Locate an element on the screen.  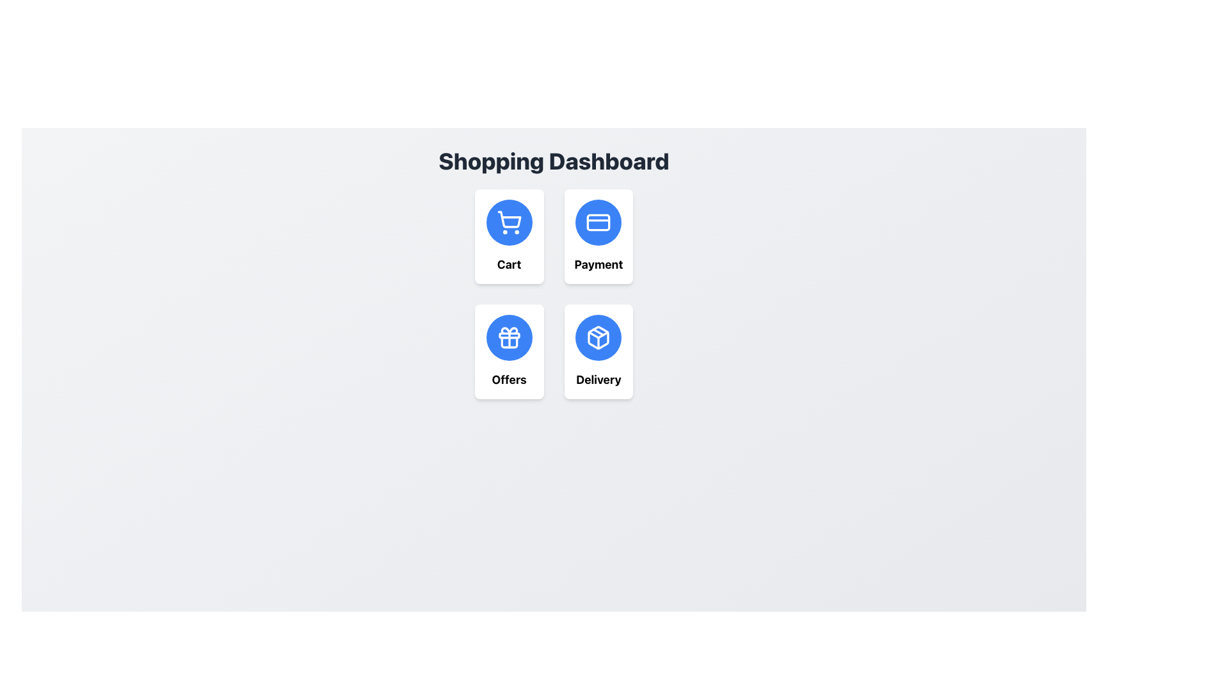
the gift icon with navigation functionality, which is located in the bottom-left quadrant of the interface is located at coordinates (508, 337).